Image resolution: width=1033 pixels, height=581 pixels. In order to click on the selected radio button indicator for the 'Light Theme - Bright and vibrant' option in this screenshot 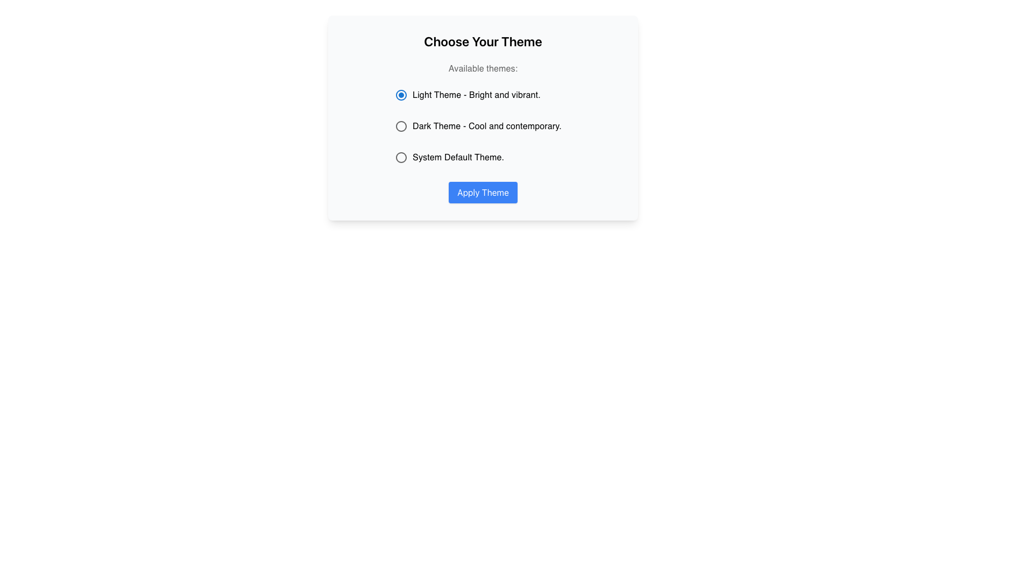, I will do `click(401, 95)`.